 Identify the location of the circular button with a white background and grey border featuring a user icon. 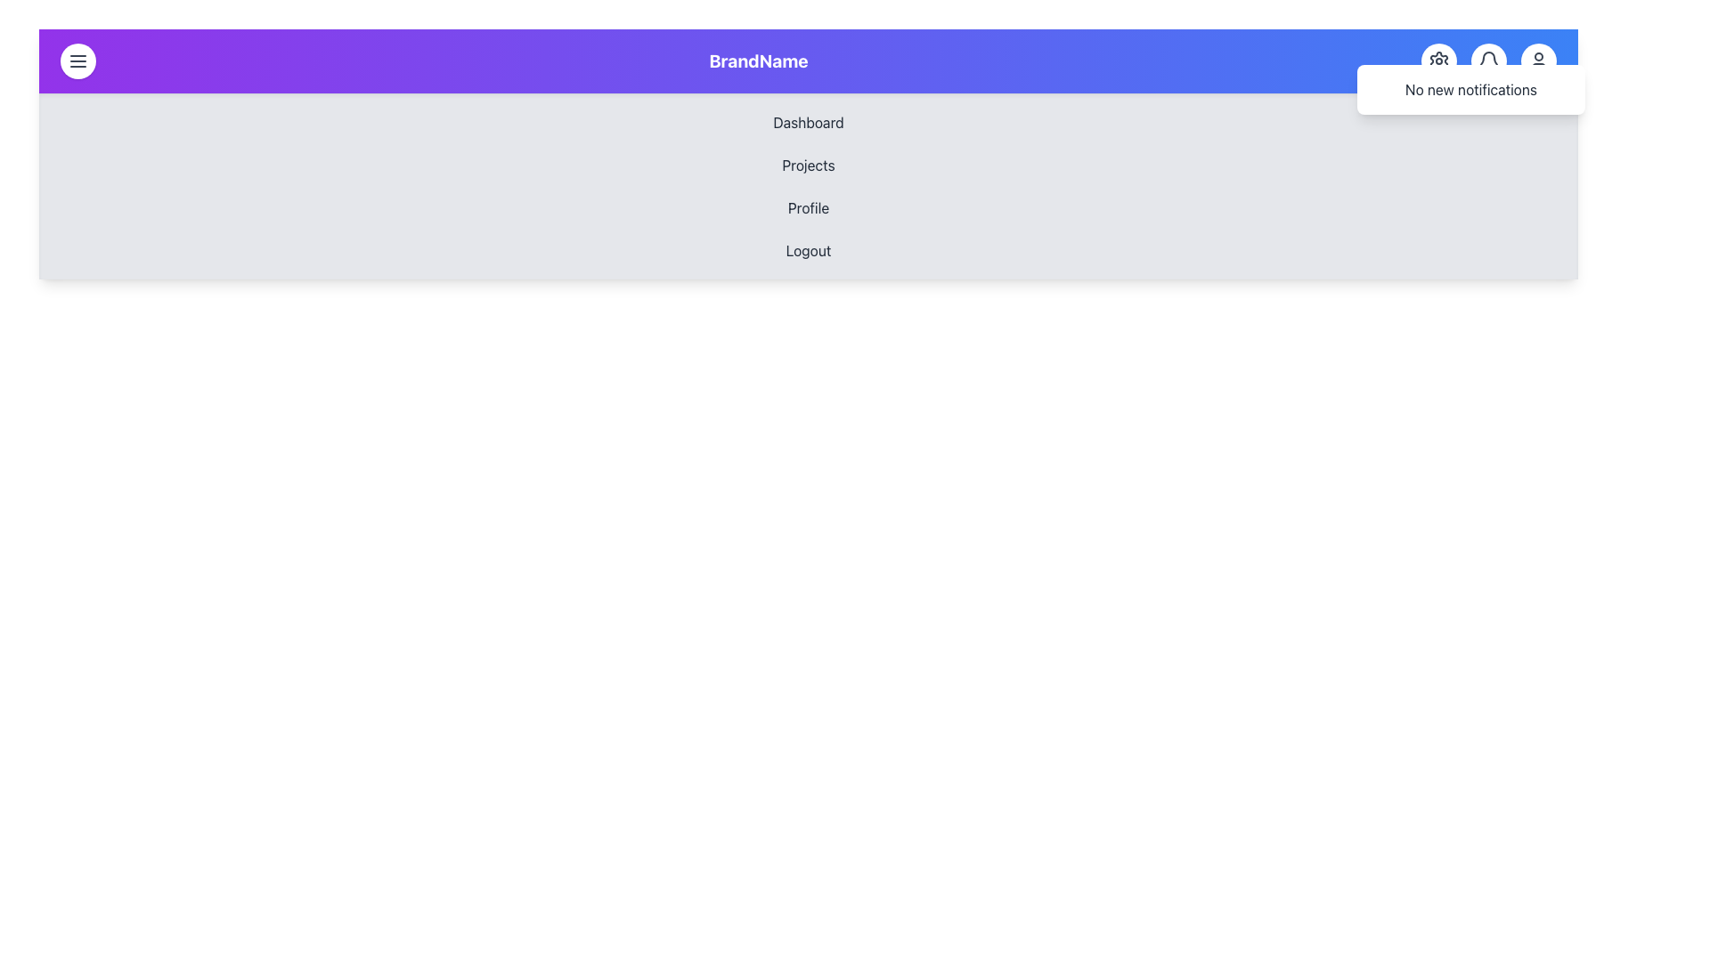
(1538, 61).